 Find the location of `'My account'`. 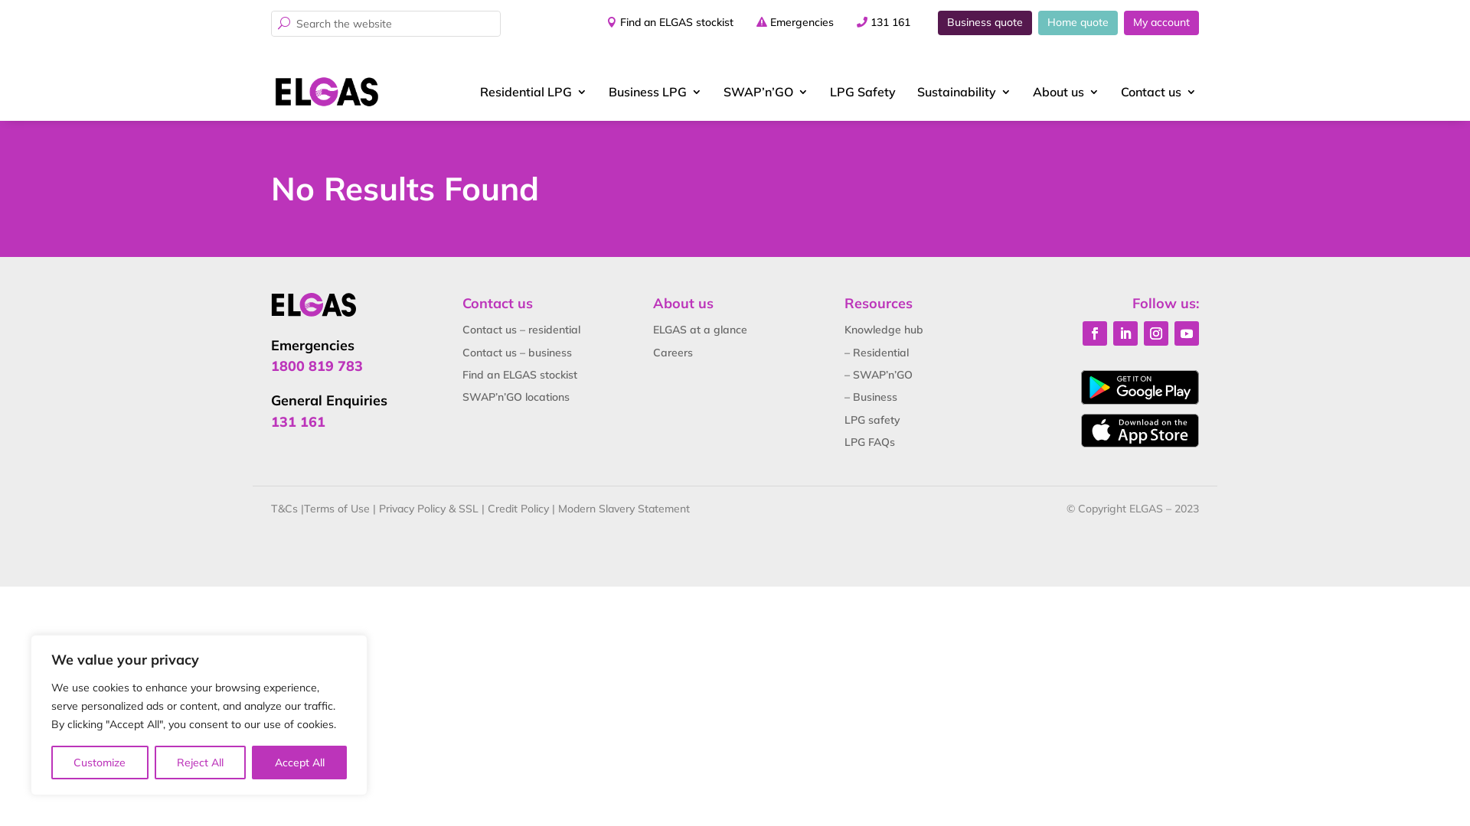

'My account' is located at coordinates (1124, 23).